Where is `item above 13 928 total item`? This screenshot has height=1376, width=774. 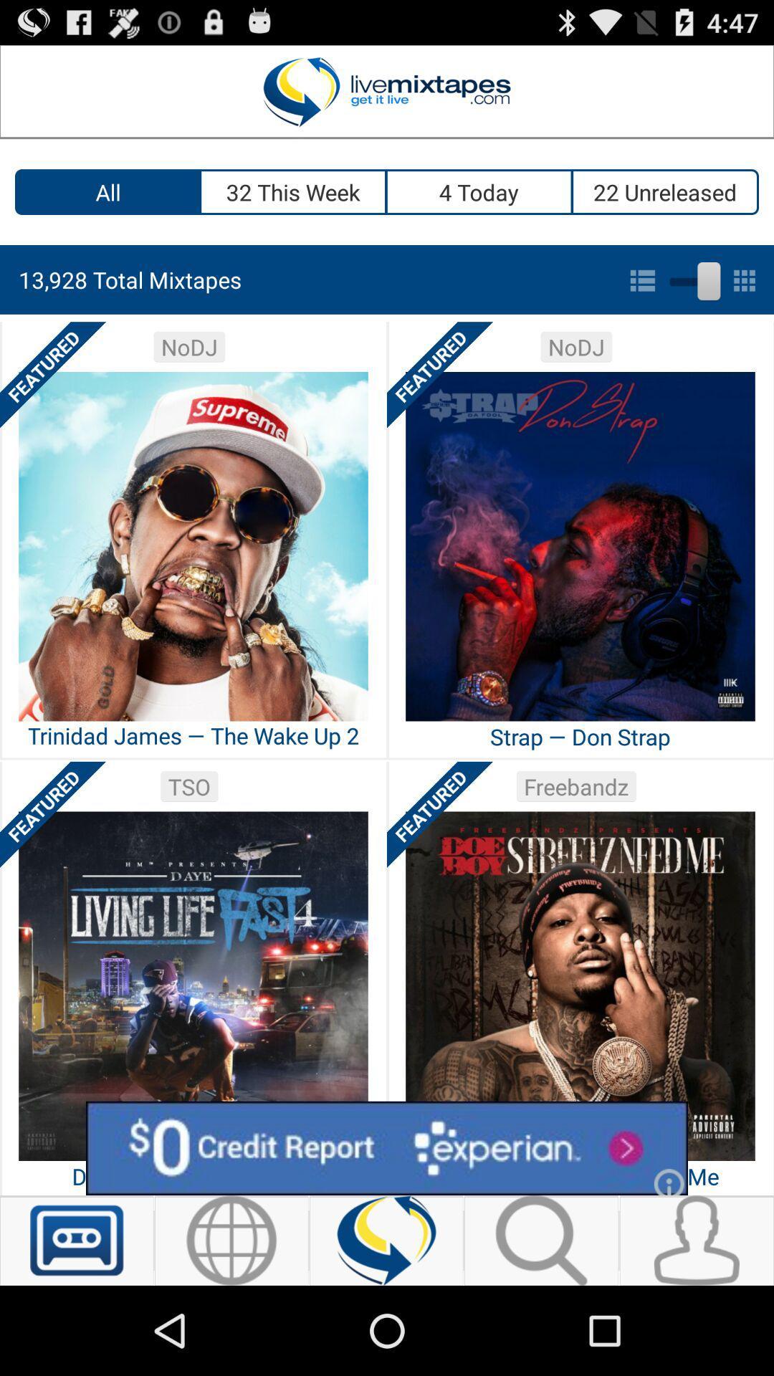 item above 13 928 total item is located at coordinates (479, 191).